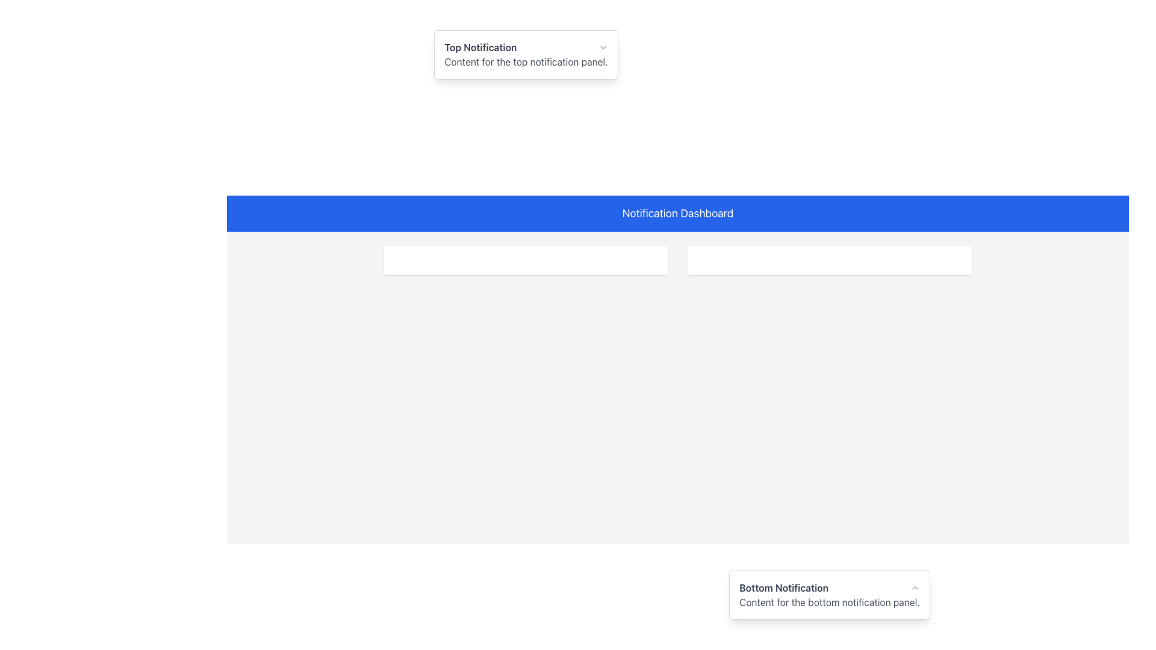  What do you see at coordinates (603, 46) in the screenshot?
I see `the Dropdown Control located in the Top Notification section to change its color` at bounding box center [603, 46].